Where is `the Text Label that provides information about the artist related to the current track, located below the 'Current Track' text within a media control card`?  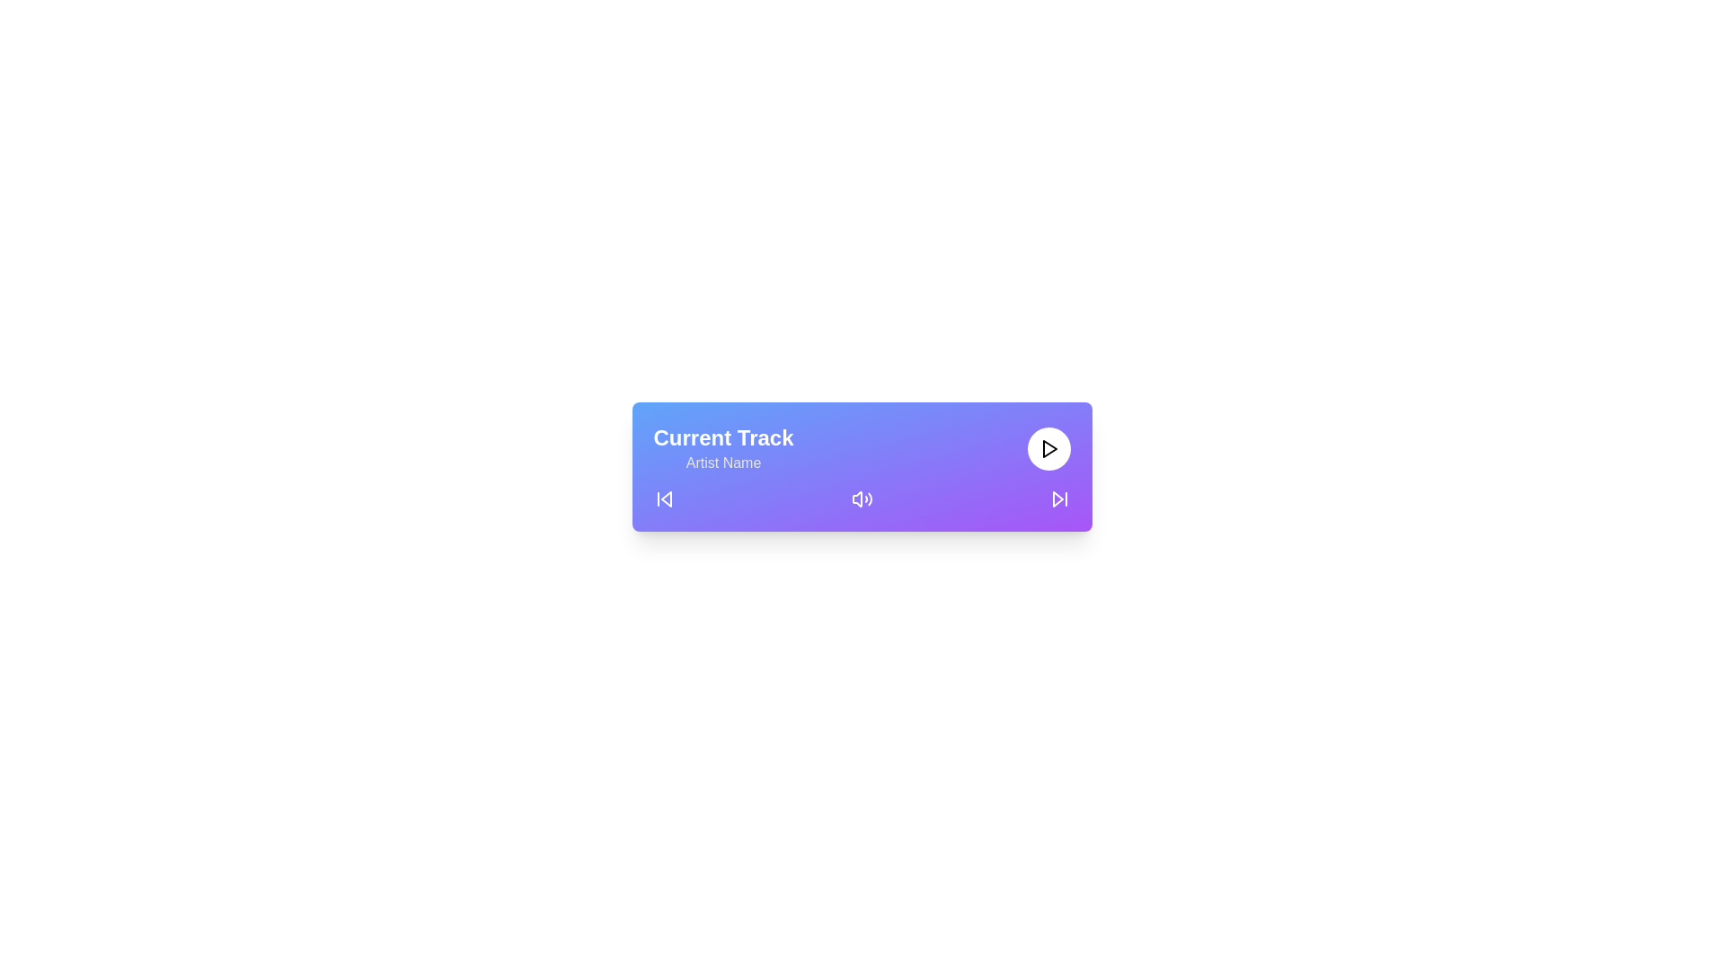
the Text Label that provides information about the artist related to the current track, located below the 'Current Track' text within a media control card is located at coordinates (723, 463).